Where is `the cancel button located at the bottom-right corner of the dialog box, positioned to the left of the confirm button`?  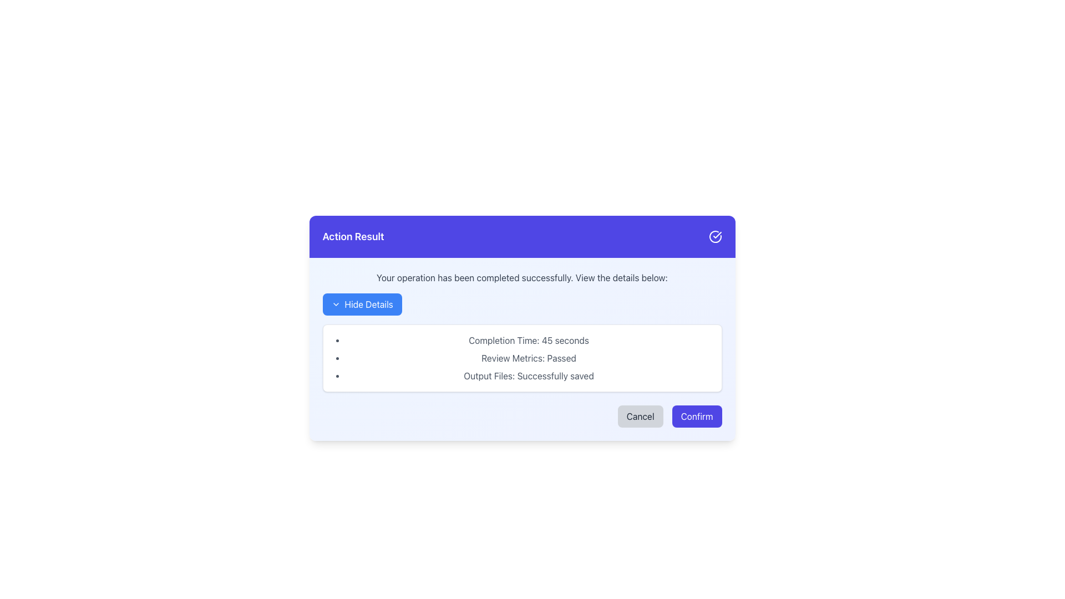
the cancel button located at the bottom-right corner of the dialog box, positioned to the left of the confirm button is located at coordinates (640, 417).